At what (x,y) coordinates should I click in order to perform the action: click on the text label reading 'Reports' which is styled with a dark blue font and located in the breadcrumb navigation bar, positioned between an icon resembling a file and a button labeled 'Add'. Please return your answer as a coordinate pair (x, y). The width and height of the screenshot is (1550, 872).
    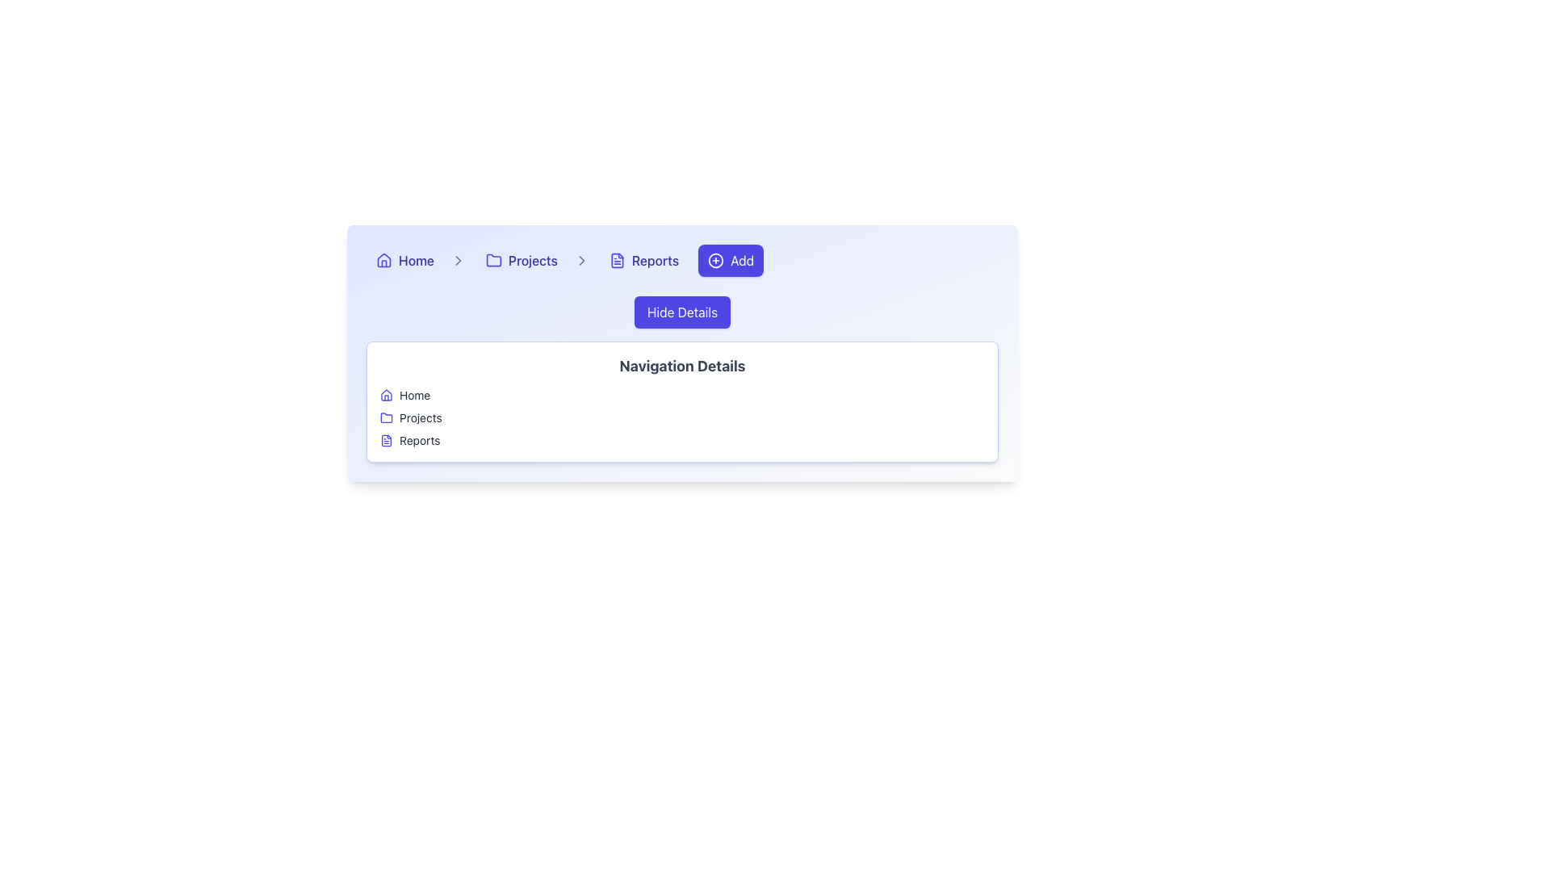
    Looking at the image, I should click on (655, 260).